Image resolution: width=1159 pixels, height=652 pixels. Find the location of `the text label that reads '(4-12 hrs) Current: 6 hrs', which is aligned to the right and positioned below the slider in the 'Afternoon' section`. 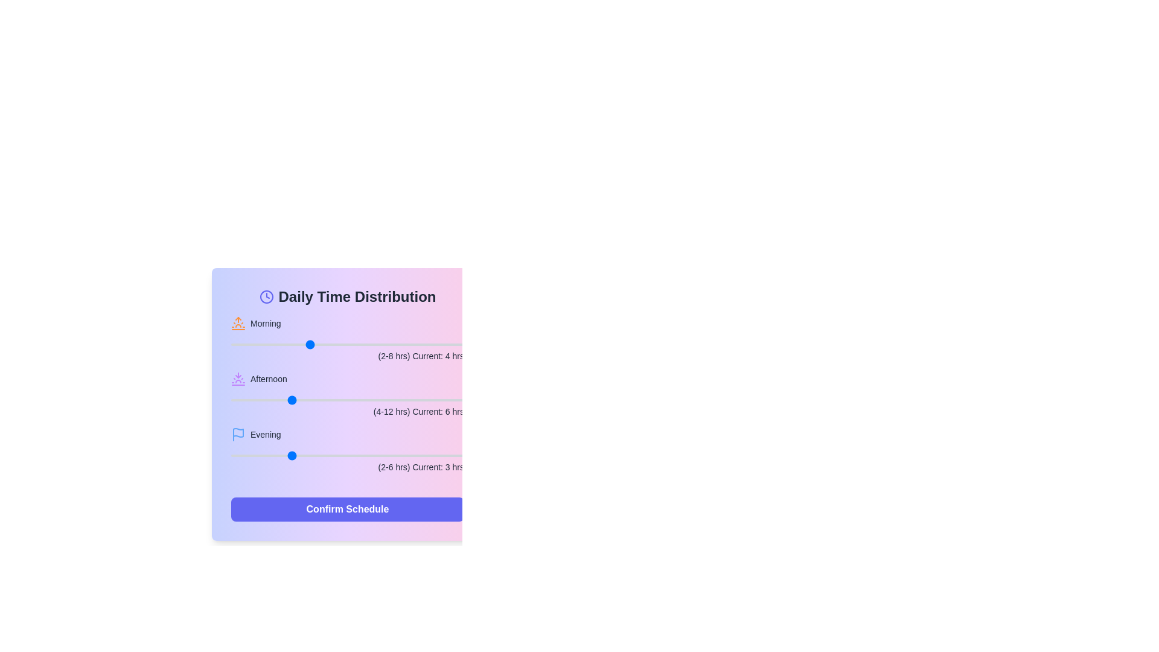

the text label that reads '(4-12 hrs) Current: 6 hrs', which is aligned to the right and positioned below the slider in the 'Afternoon' section is located at coordinates (347, 411).